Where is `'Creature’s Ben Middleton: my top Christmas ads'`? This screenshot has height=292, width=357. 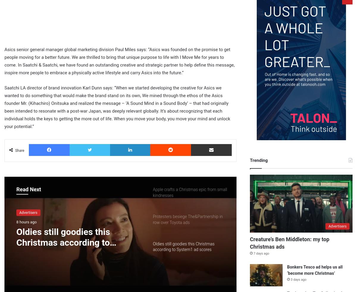 'Creature’s Ben Middleton: my top Christmas ads' is located at coordinates (289, 242).